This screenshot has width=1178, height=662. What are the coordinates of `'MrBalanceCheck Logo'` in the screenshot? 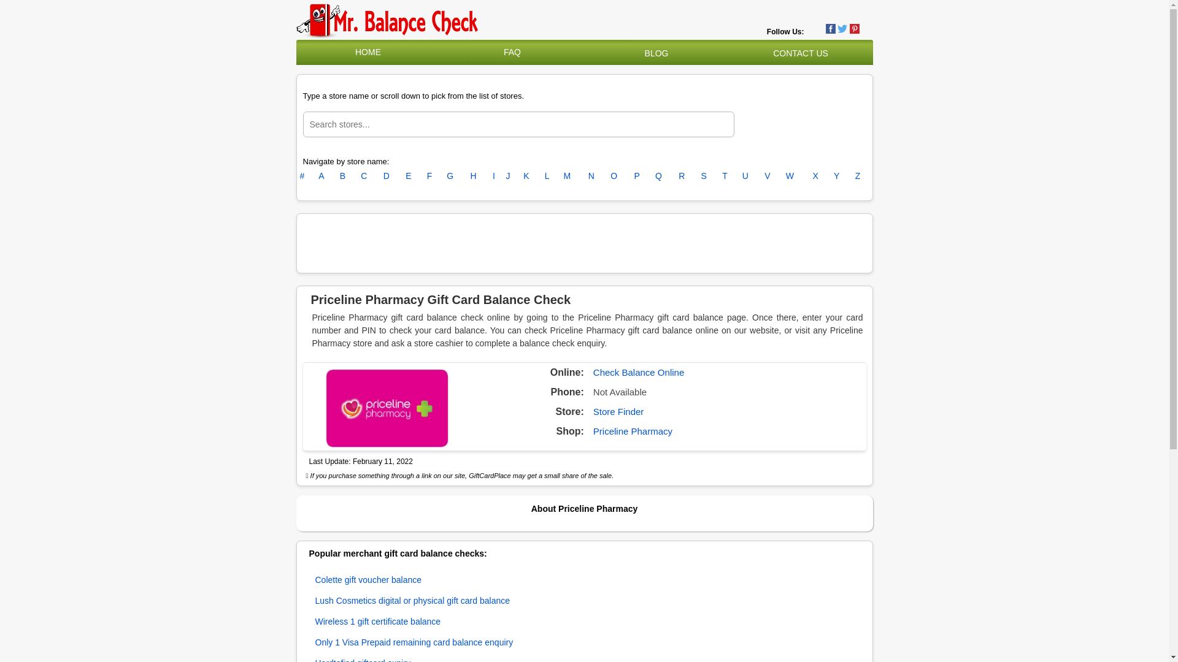 It's located at (387, 21).